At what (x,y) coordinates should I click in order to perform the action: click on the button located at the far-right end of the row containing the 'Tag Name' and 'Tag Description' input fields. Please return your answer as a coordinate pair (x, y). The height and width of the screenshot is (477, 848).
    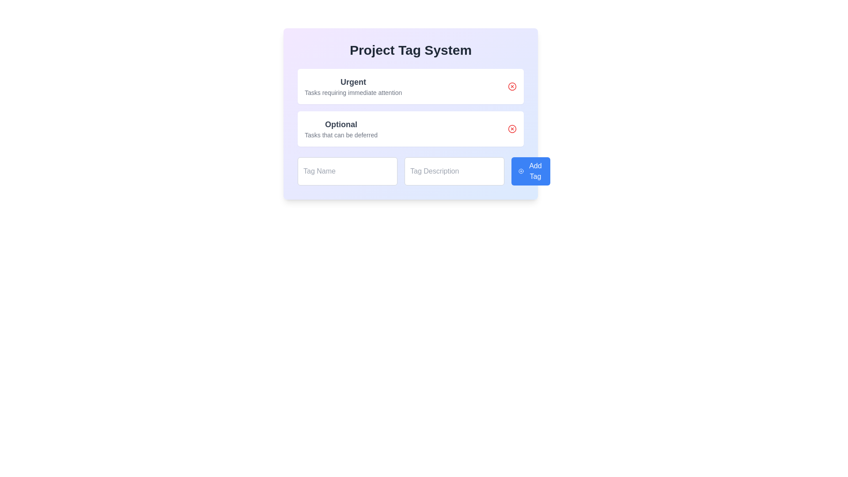
    Looking at the image, I should click on (530, 171).